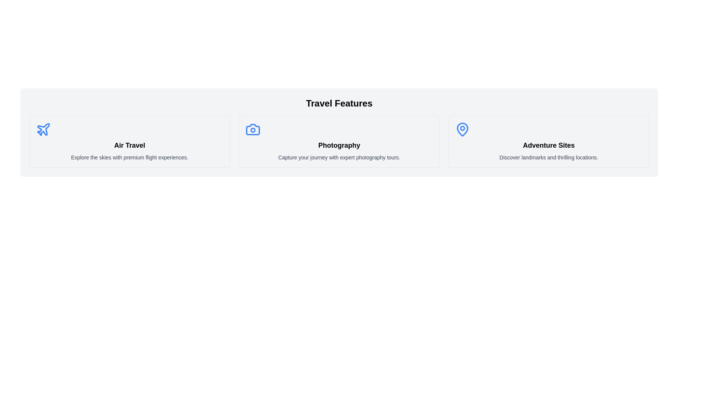 The height and width of the screenshot is (408, 725). I want to click on the third Card-style button in the grid that directs users to adventure sites, so click(549, 141).